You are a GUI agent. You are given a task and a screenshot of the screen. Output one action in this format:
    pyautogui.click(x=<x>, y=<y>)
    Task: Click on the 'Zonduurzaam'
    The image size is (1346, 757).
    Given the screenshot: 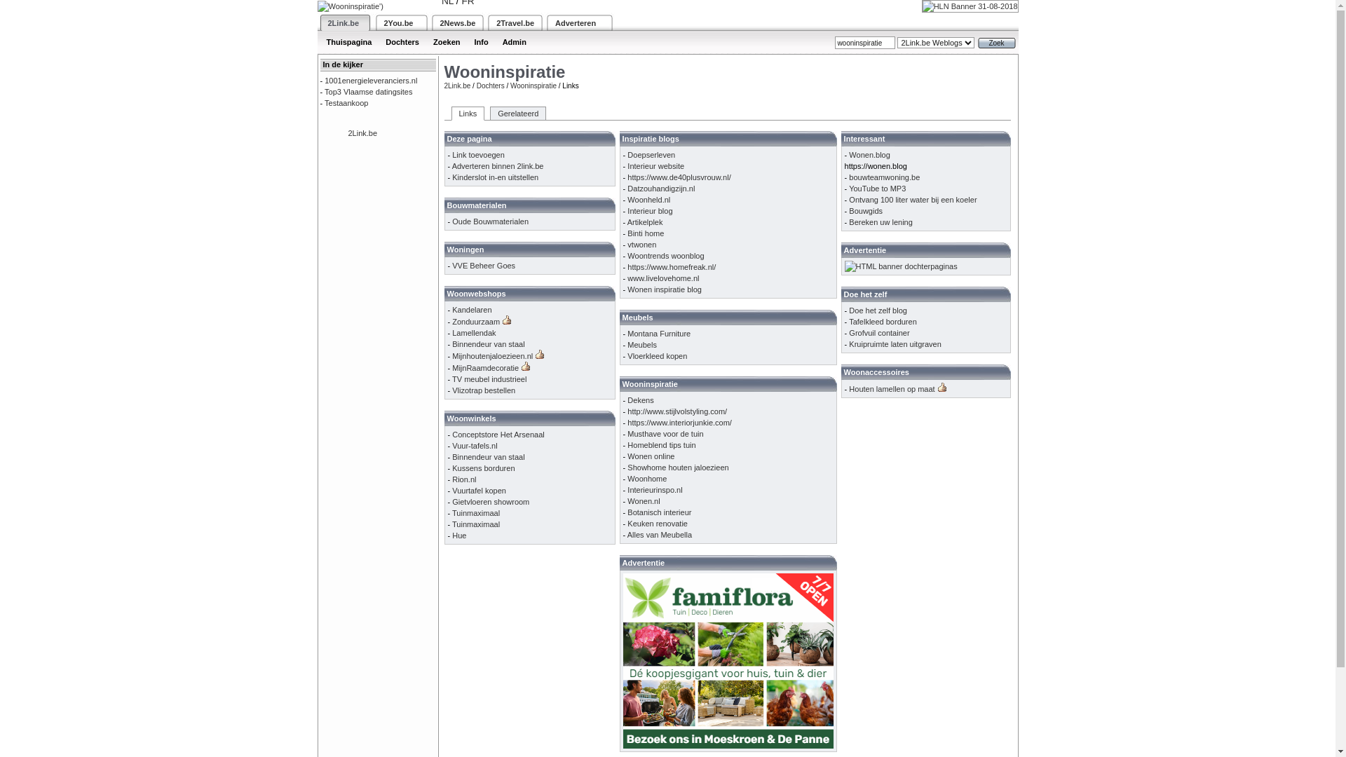 What is the action you would take?
    pyautogui.click(x=475, y=322)
    